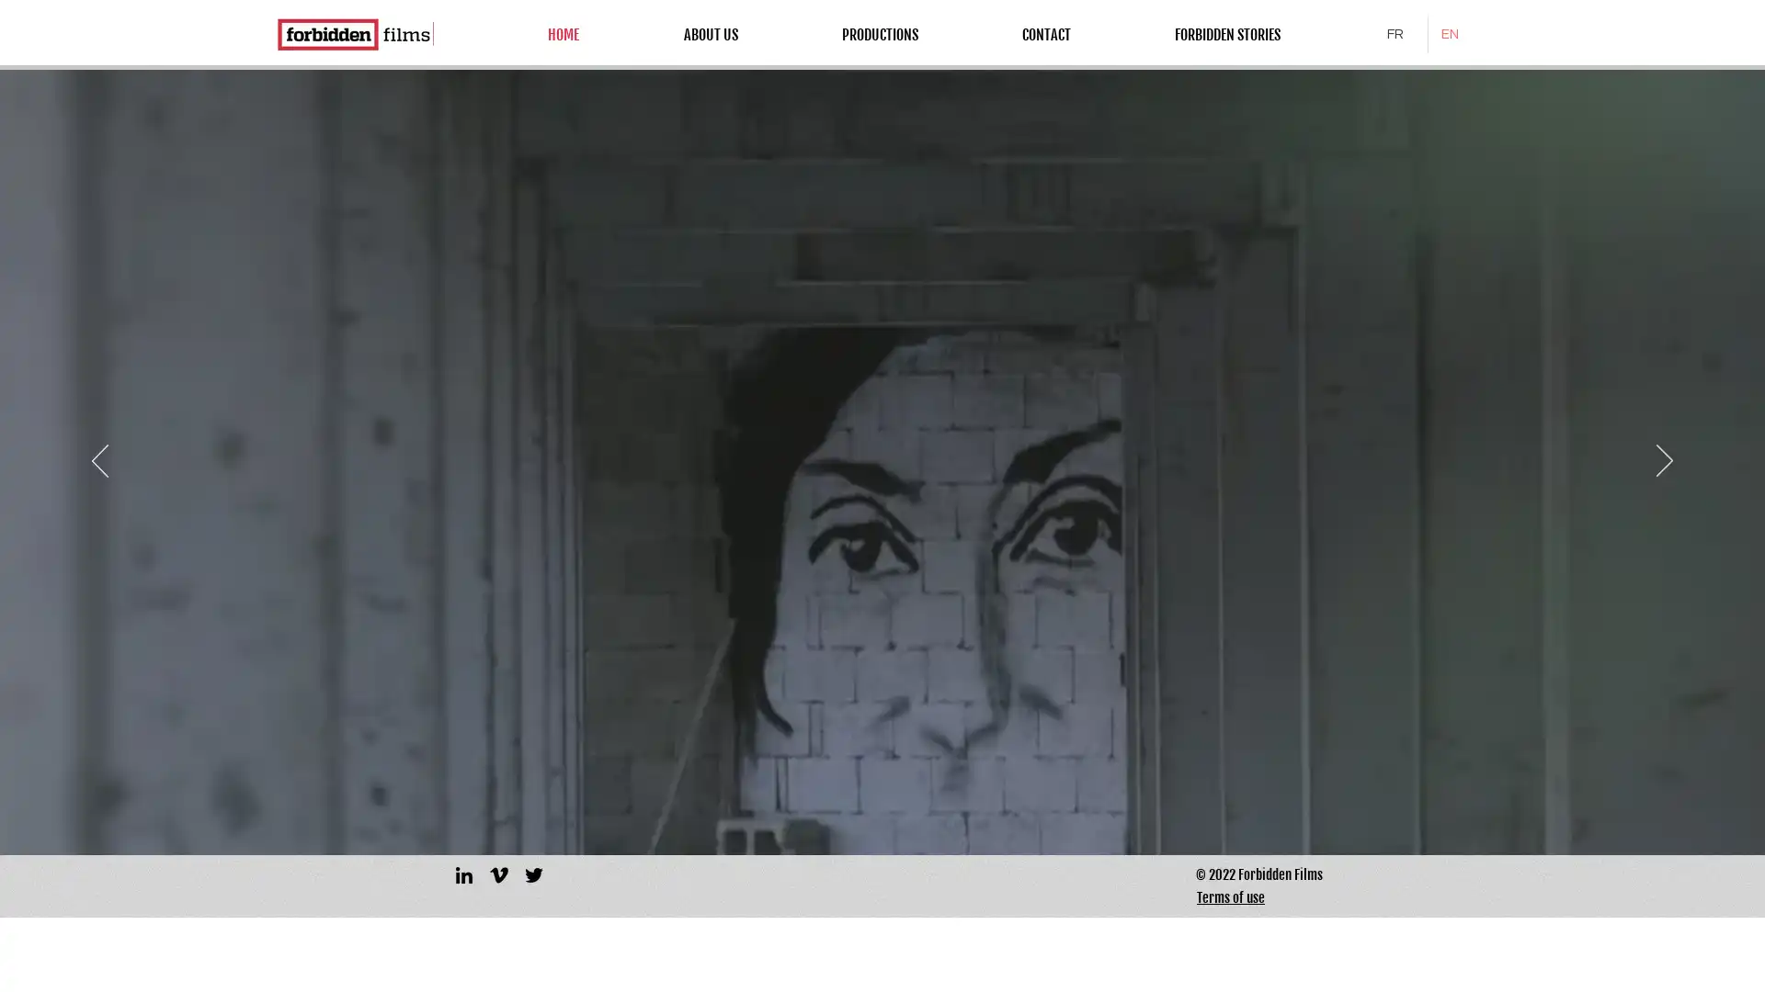 The height and width of the screenshot is (992, 1765). Describe the element at coordinates (99, 460) in the screenshot. I see `Previous` at that location.